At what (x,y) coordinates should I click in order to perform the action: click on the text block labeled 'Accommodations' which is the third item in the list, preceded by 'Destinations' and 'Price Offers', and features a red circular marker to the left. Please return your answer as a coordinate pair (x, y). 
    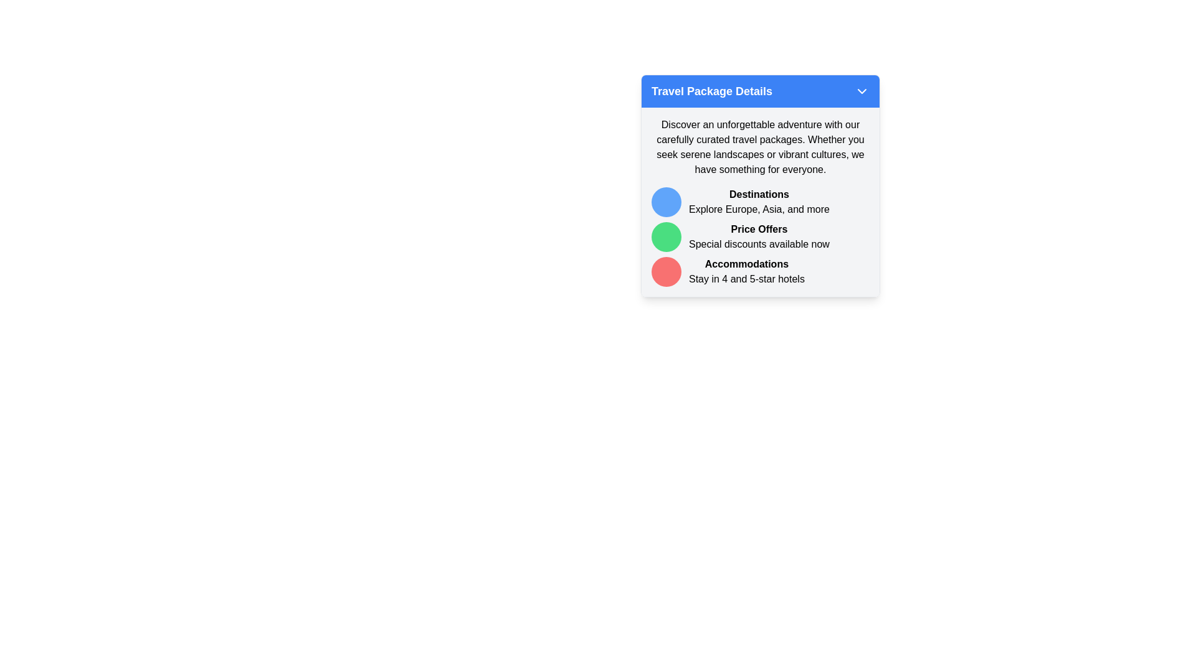
    Looking at the image, I should click on (747, 271).